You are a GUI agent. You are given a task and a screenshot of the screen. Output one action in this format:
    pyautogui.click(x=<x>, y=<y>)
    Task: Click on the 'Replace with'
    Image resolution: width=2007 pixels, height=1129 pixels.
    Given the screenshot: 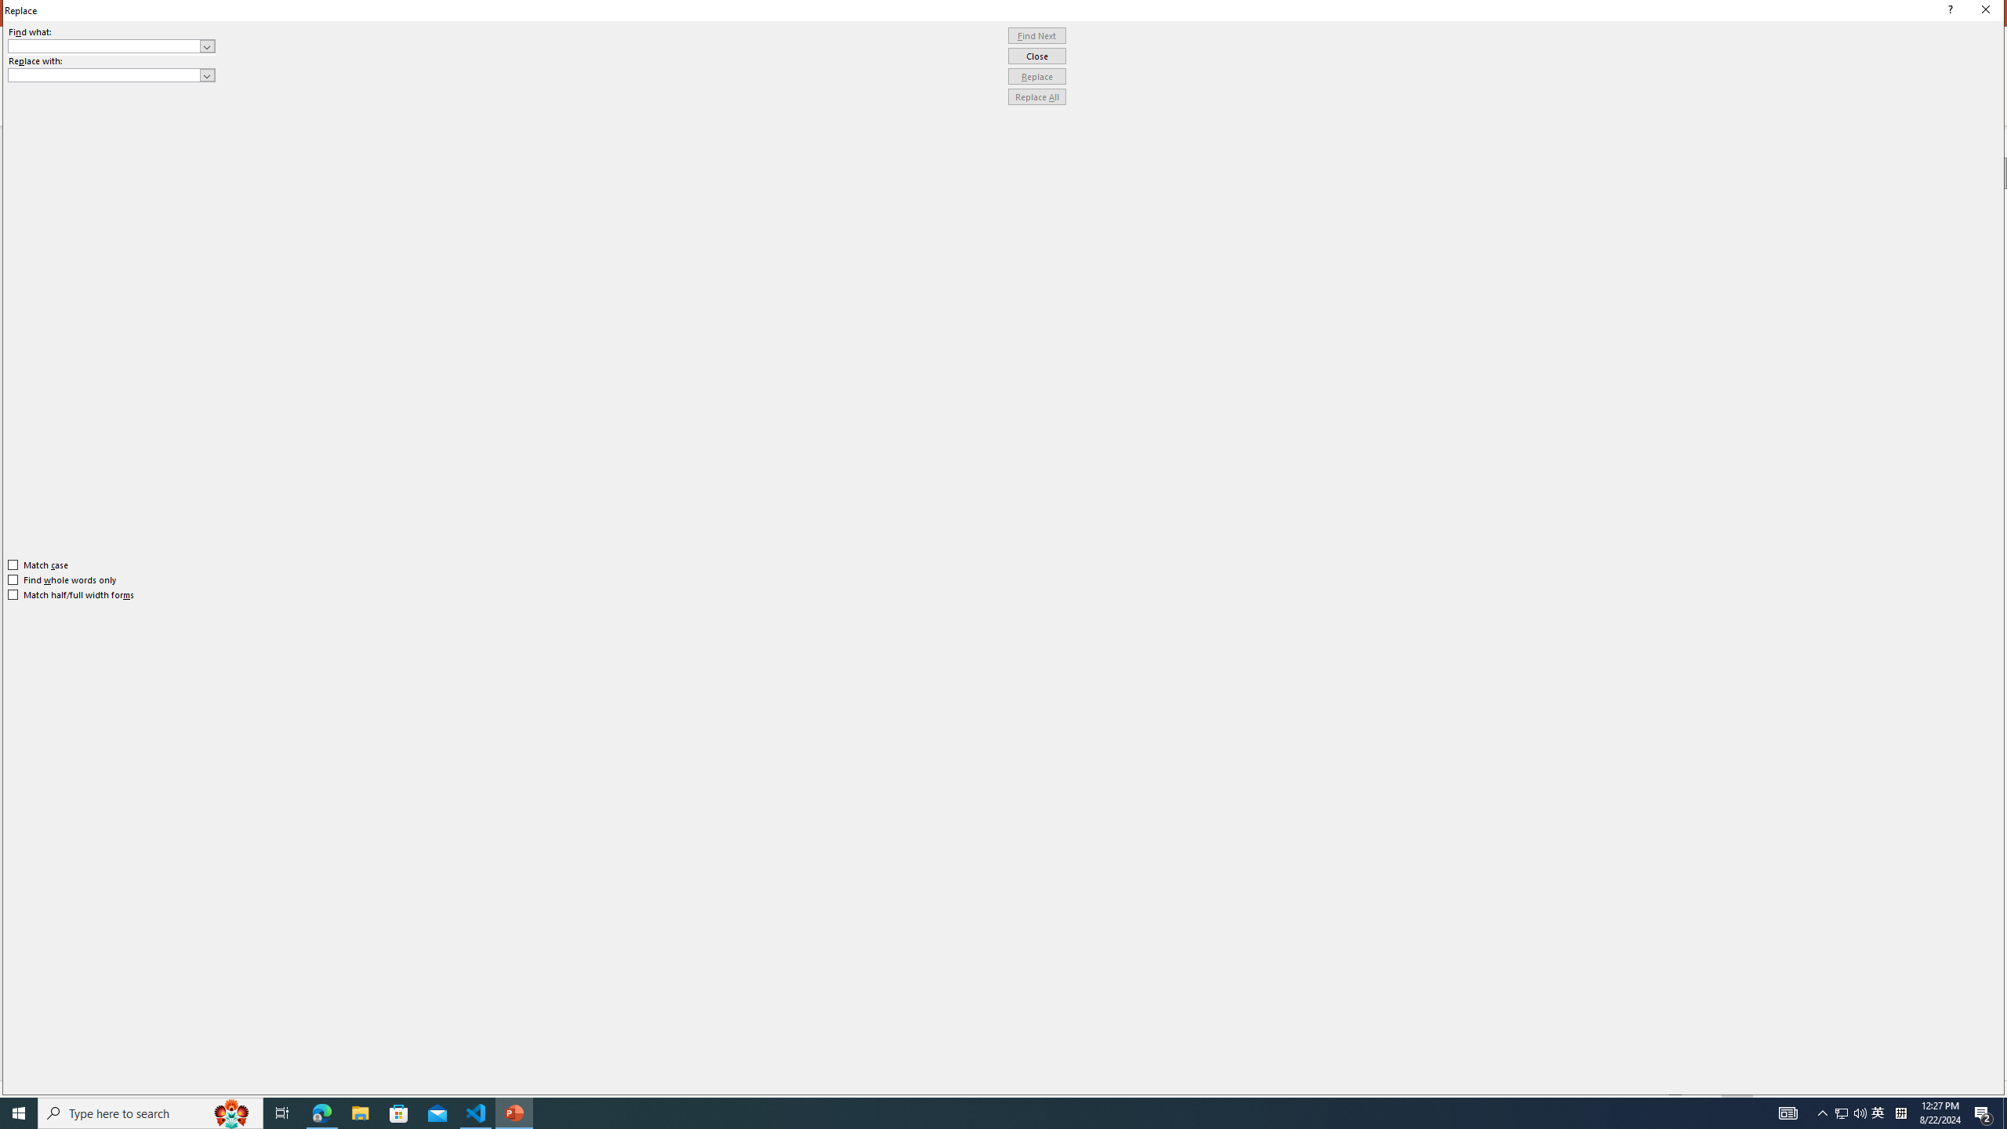 What is the action you would take?
    pyautogui.click(x=111, y=74)
    